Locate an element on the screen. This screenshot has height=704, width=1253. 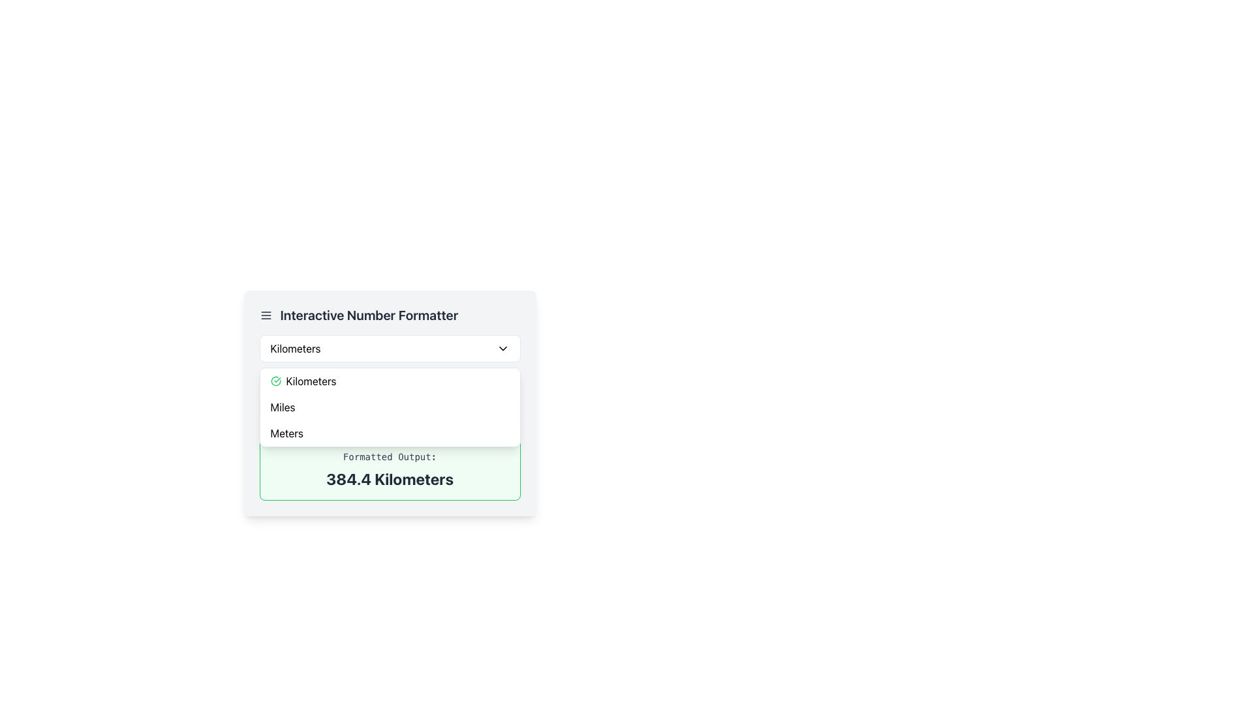
the 'Kilometers' option in the dropdown menu is located at coordinates (389, 381).